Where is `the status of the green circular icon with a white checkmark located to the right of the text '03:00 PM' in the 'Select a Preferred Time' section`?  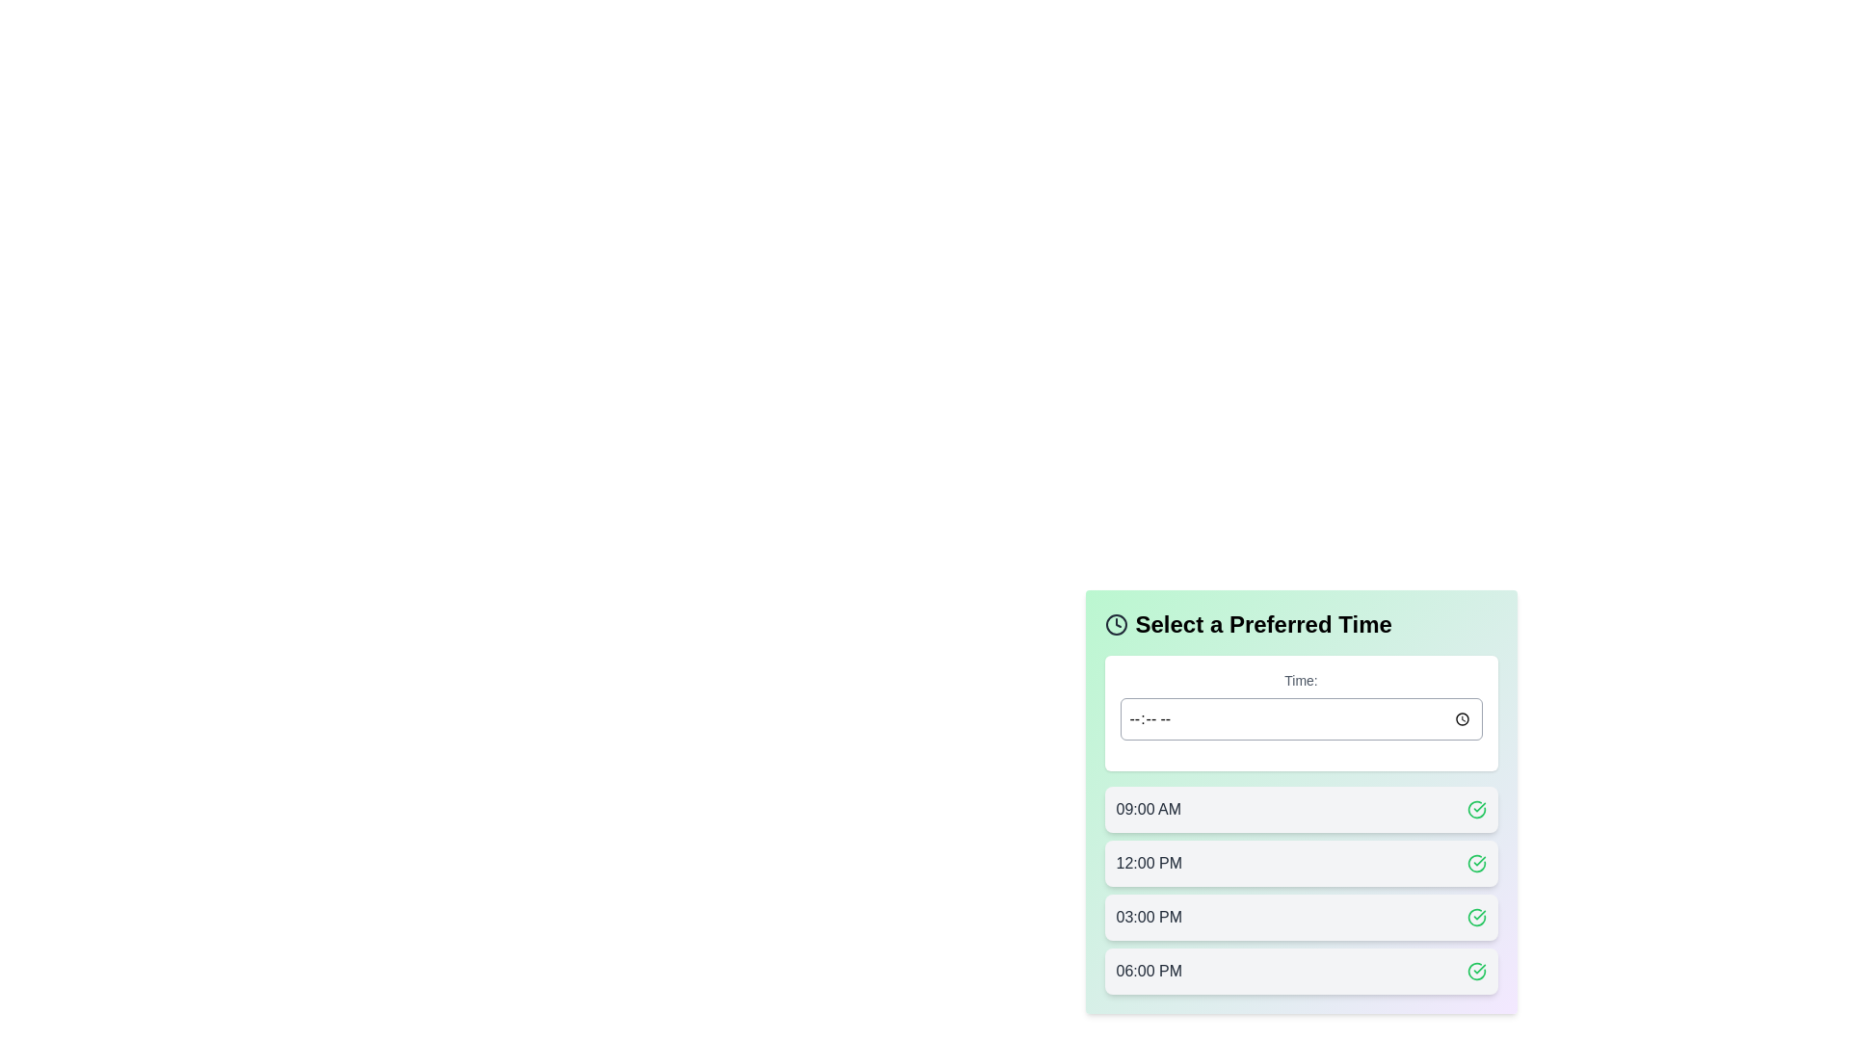
the status of the green circular icon with a white checkmark located to the right of the text '03:00 PM' in the 'Select a Preferred Time' section is located at coordinates (1475, 916).